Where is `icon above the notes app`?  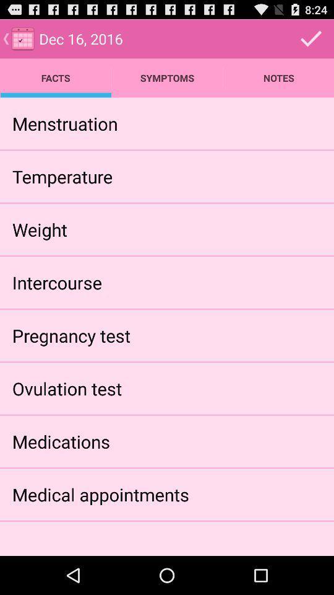 icon above the notes app is located at coordinates (310, 38).